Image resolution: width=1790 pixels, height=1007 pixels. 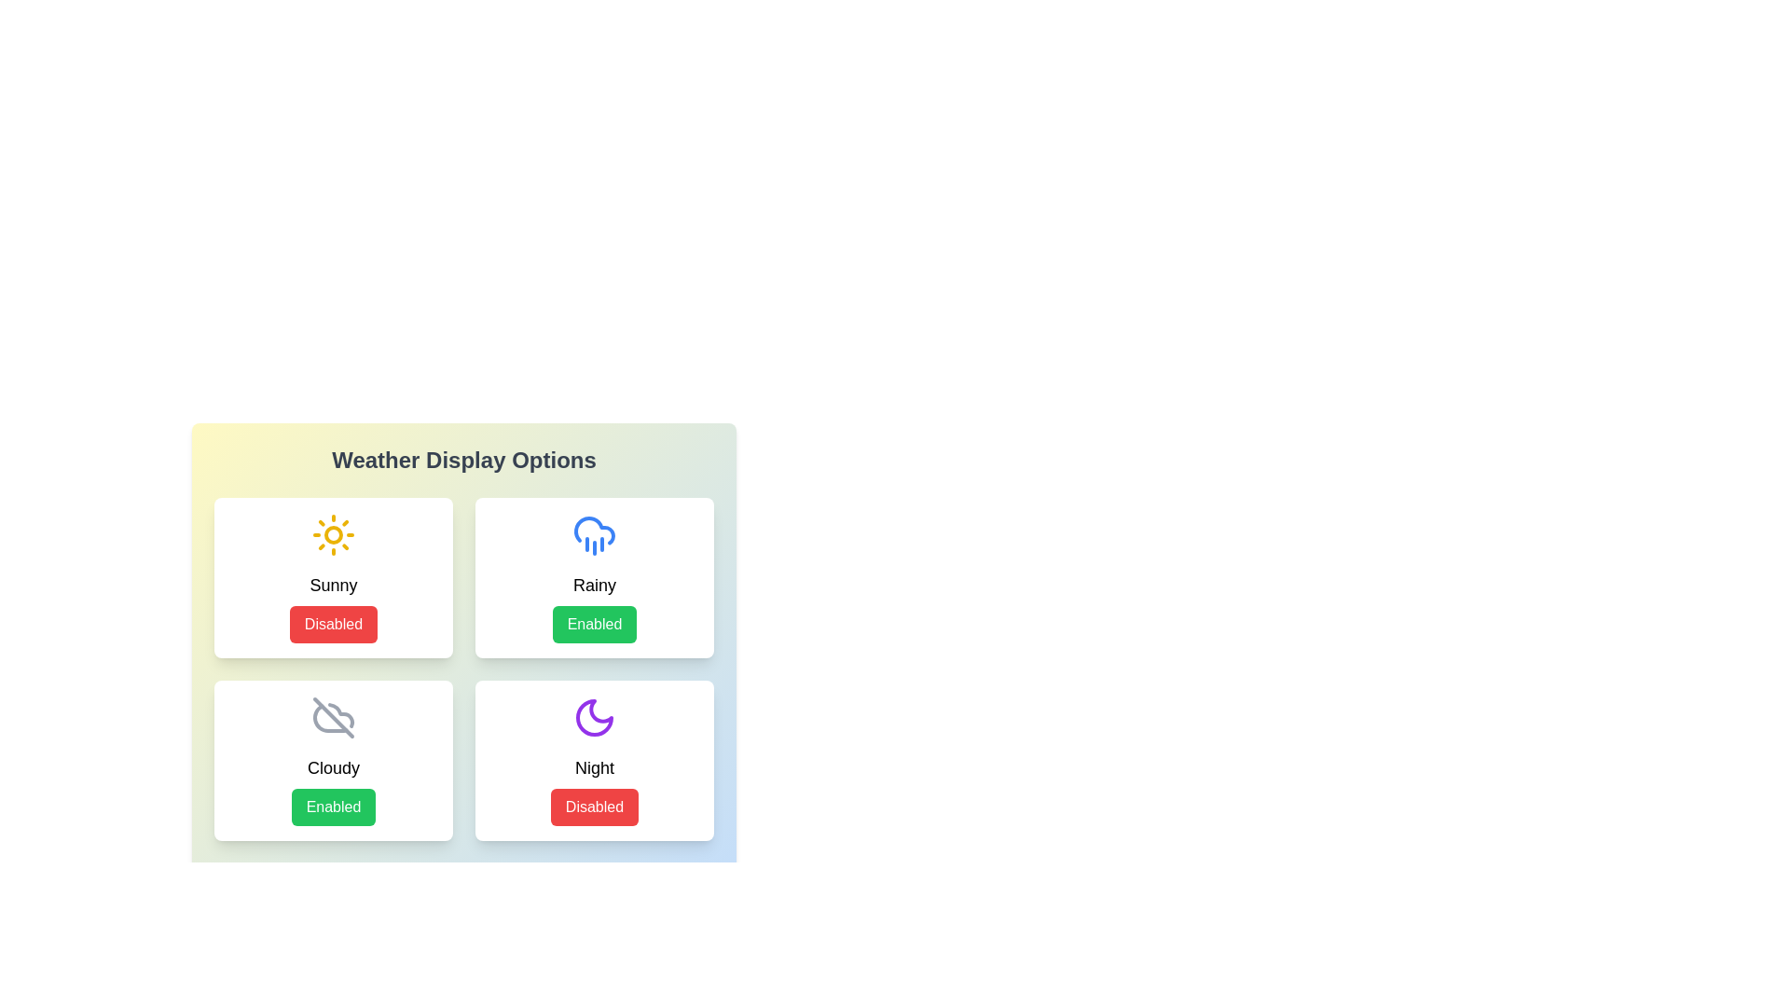 What do you see at coordinates (334, 577) in the screenshot?
I see `the weather option sunny` at bounding box center [334, 577].